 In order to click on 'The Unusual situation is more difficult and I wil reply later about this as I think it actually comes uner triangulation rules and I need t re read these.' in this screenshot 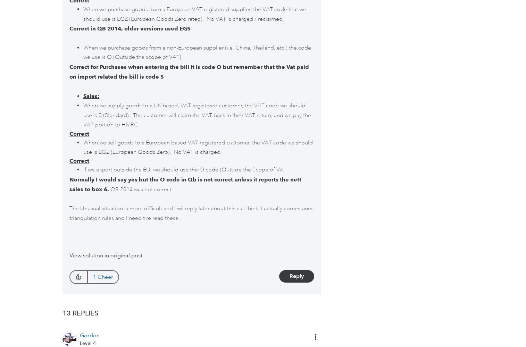, I will do `click(69, 213)`.